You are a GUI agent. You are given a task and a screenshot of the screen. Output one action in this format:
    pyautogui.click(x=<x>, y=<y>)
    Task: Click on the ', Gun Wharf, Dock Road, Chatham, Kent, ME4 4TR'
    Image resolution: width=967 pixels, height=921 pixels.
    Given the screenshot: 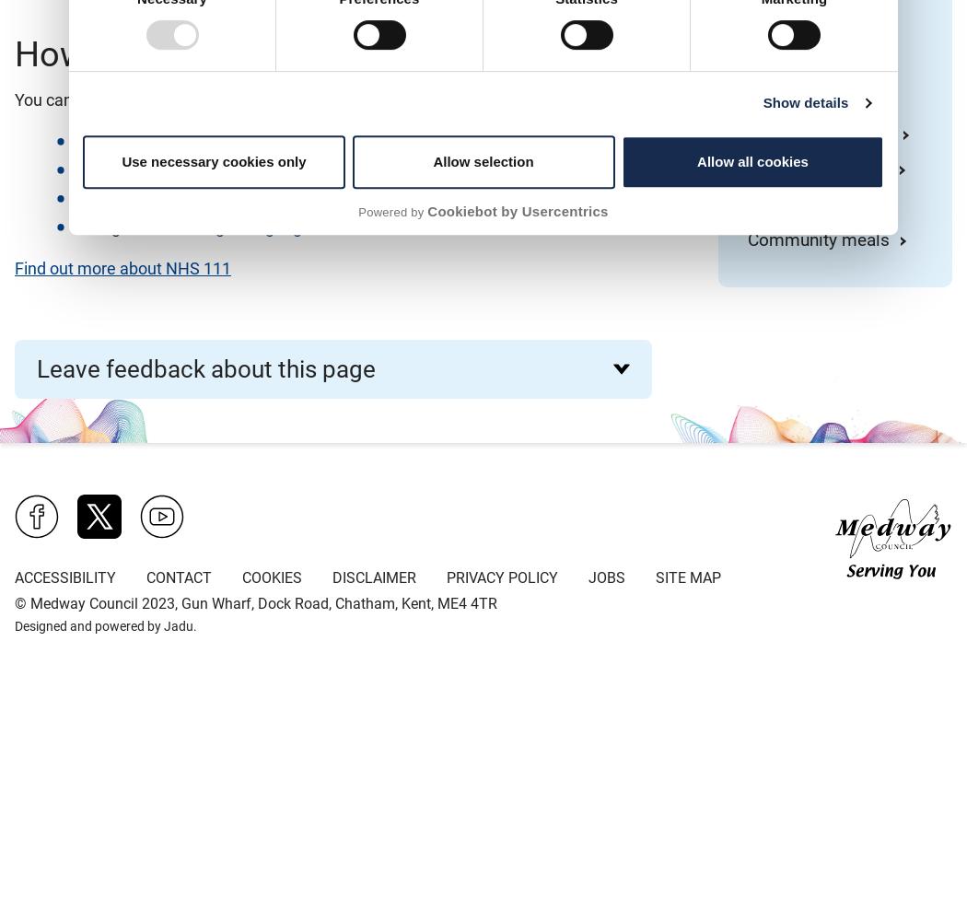 What is the action you would take?
    pyautogui.click(x=334, y=603)
    